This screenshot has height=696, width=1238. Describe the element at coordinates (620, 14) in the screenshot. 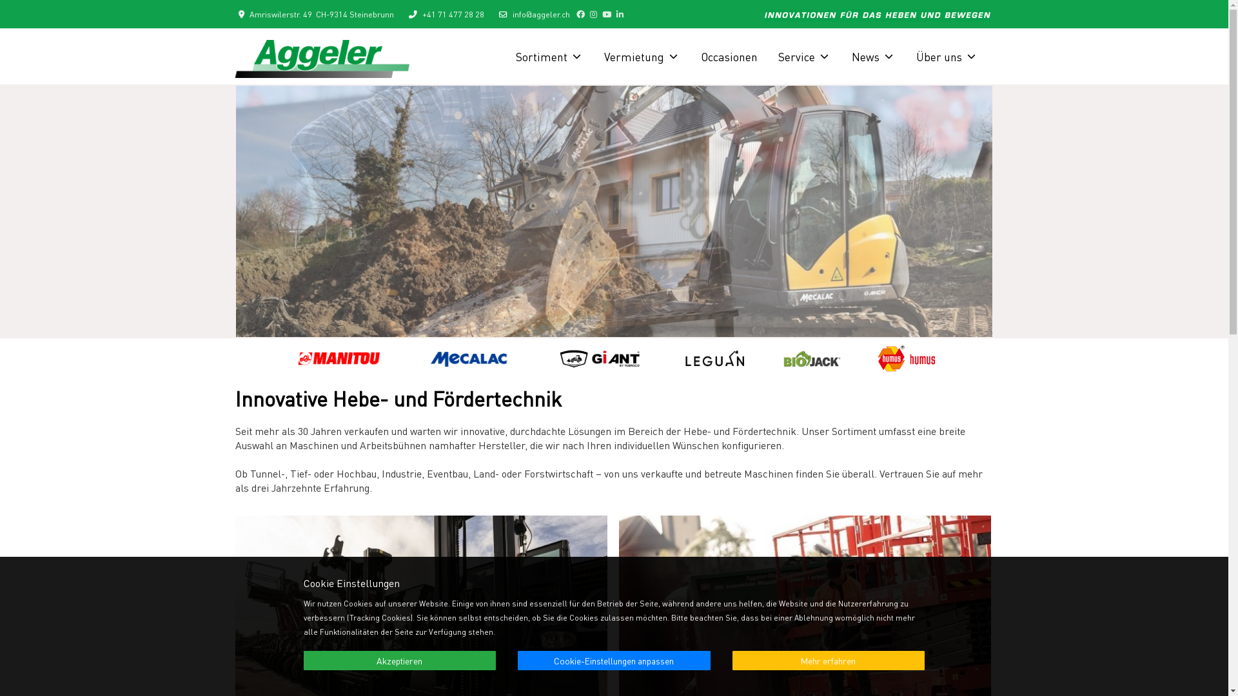

I see `'LinkedIn'` at that location.